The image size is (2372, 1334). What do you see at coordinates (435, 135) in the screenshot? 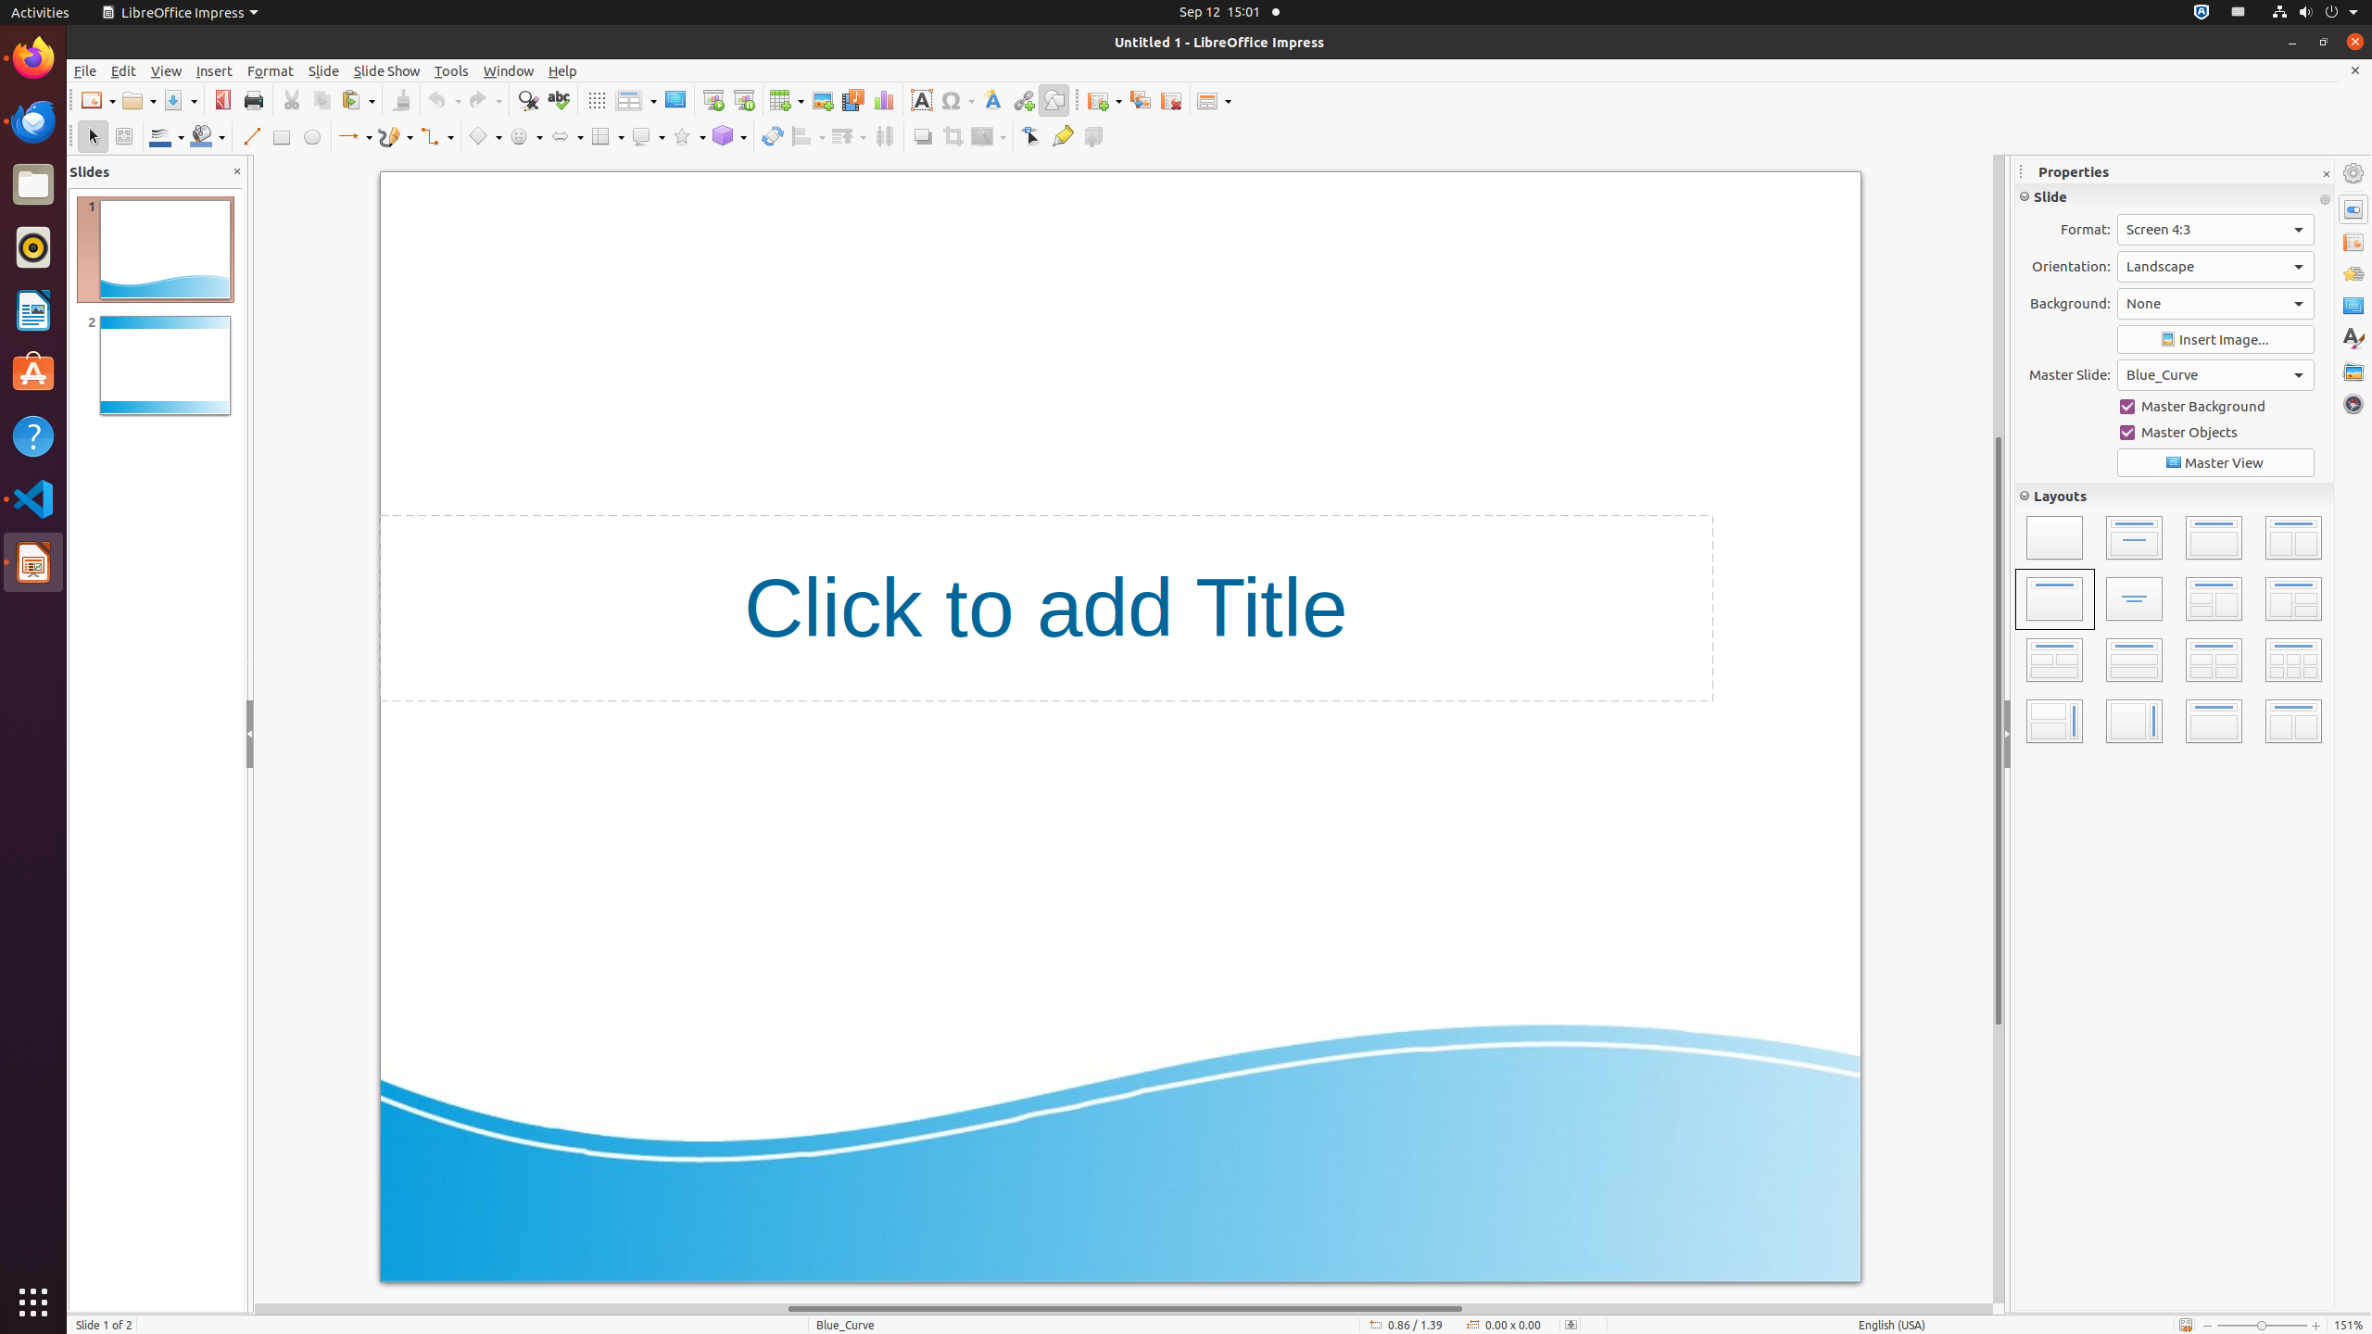
I see `'Connectors'` at bounding box center [435, 135].